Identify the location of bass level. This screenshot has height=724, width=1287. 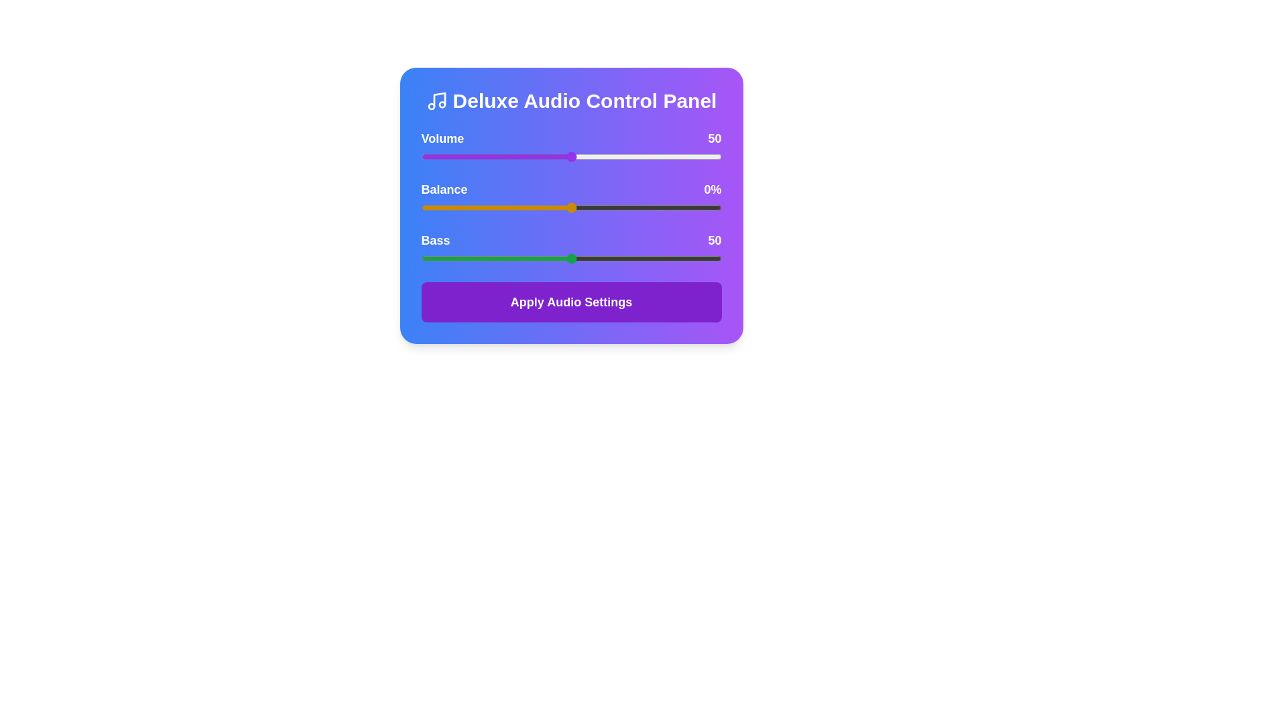
(650, 258).